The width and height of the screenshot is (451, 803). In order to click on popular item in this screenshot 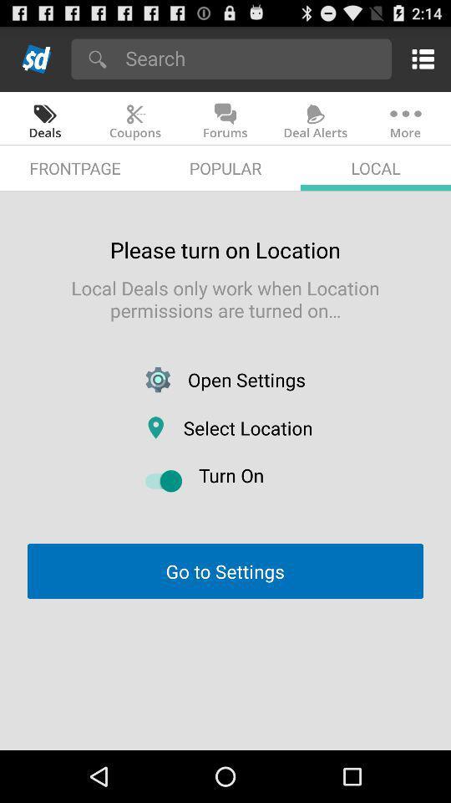, I will do `click(225, 168)`.